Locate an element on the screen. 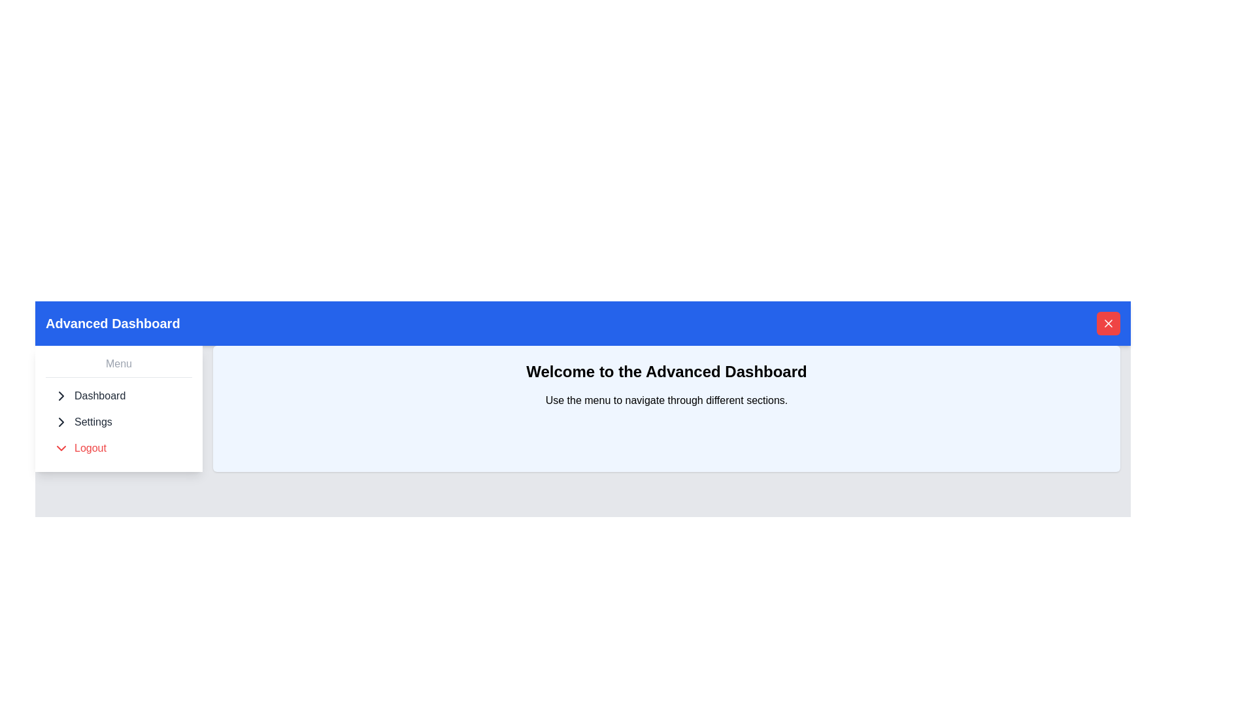 The height and width of the screenshot is (706, 1255). the Header text element, which serves as a welcoming message or title for the dashboard interface, located above the navigation instructions is located at coordinates (666, 372).